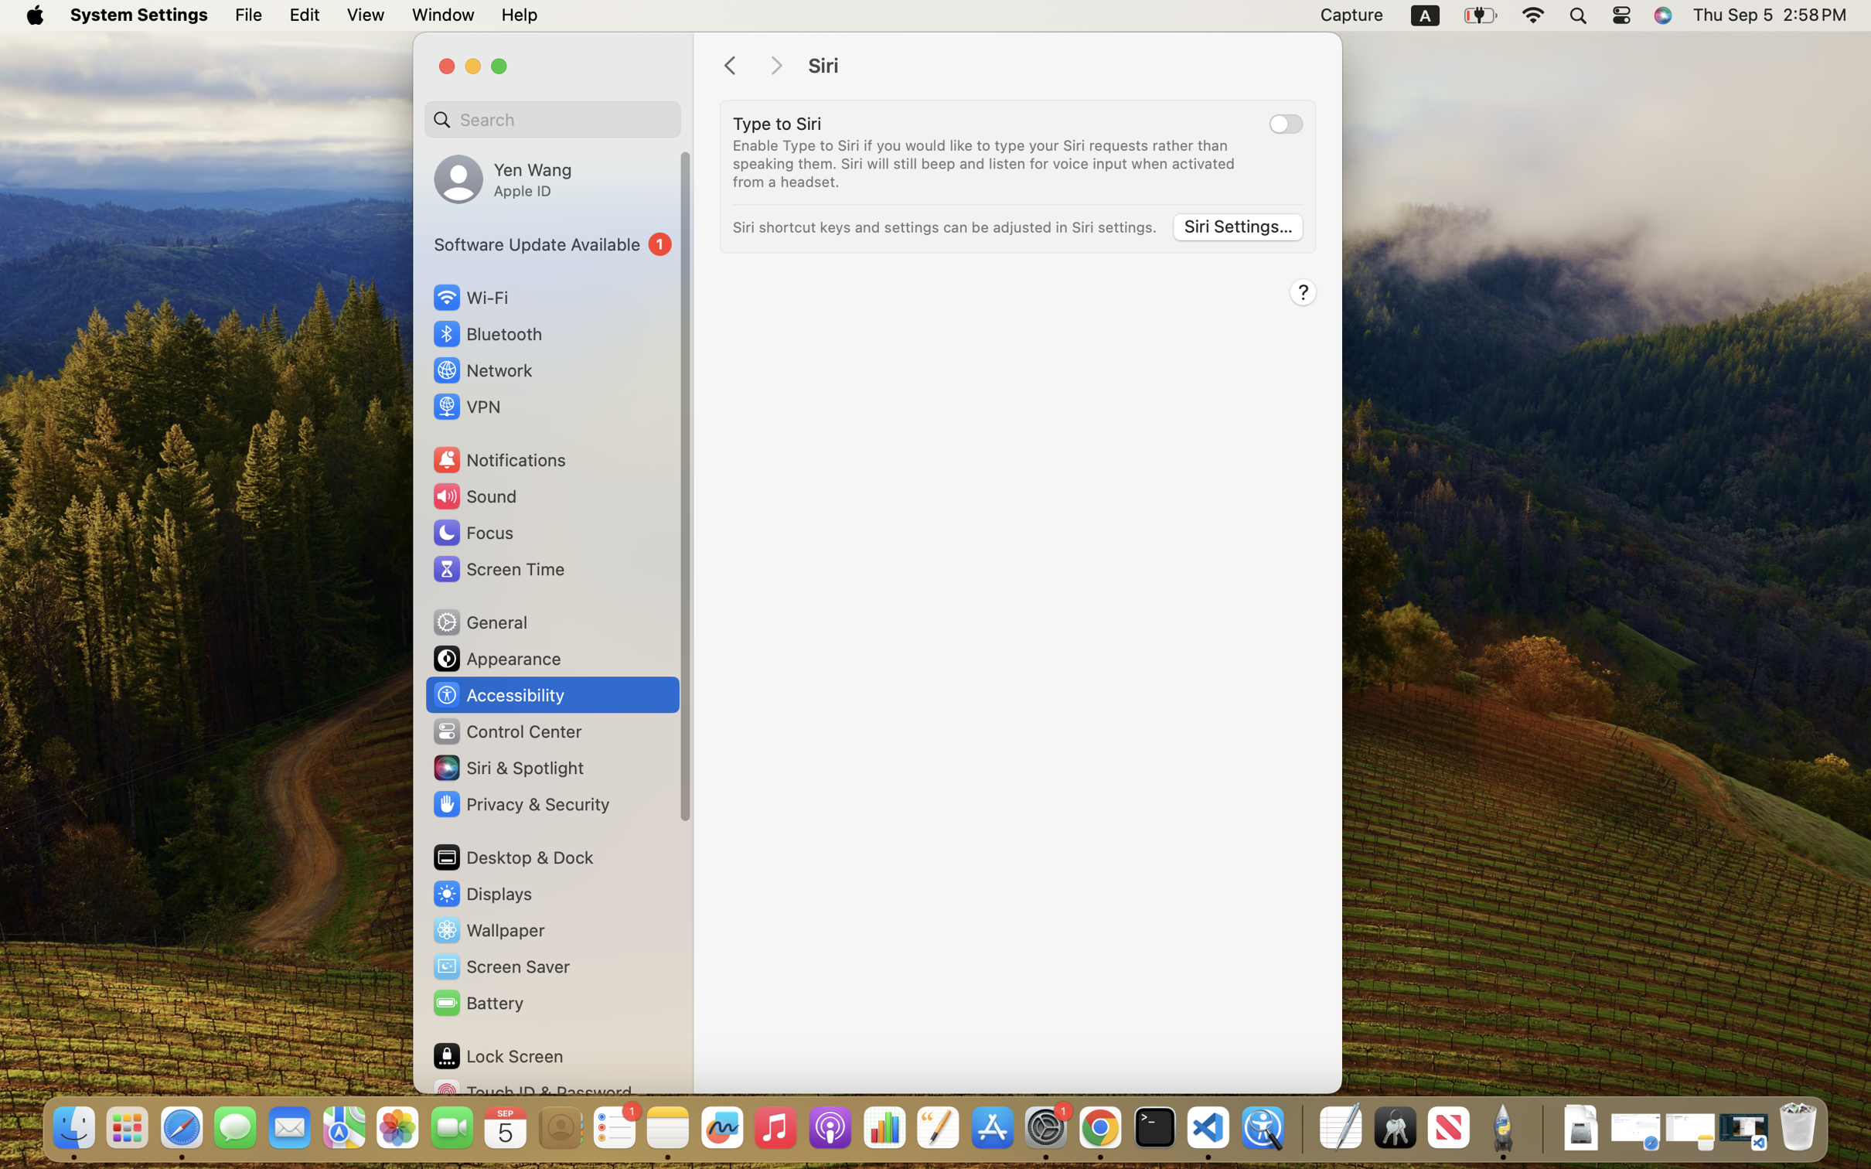  Describe the element at coordinates (498, 1055) in the screenshot. I see `'Lock Screen'` at that location.